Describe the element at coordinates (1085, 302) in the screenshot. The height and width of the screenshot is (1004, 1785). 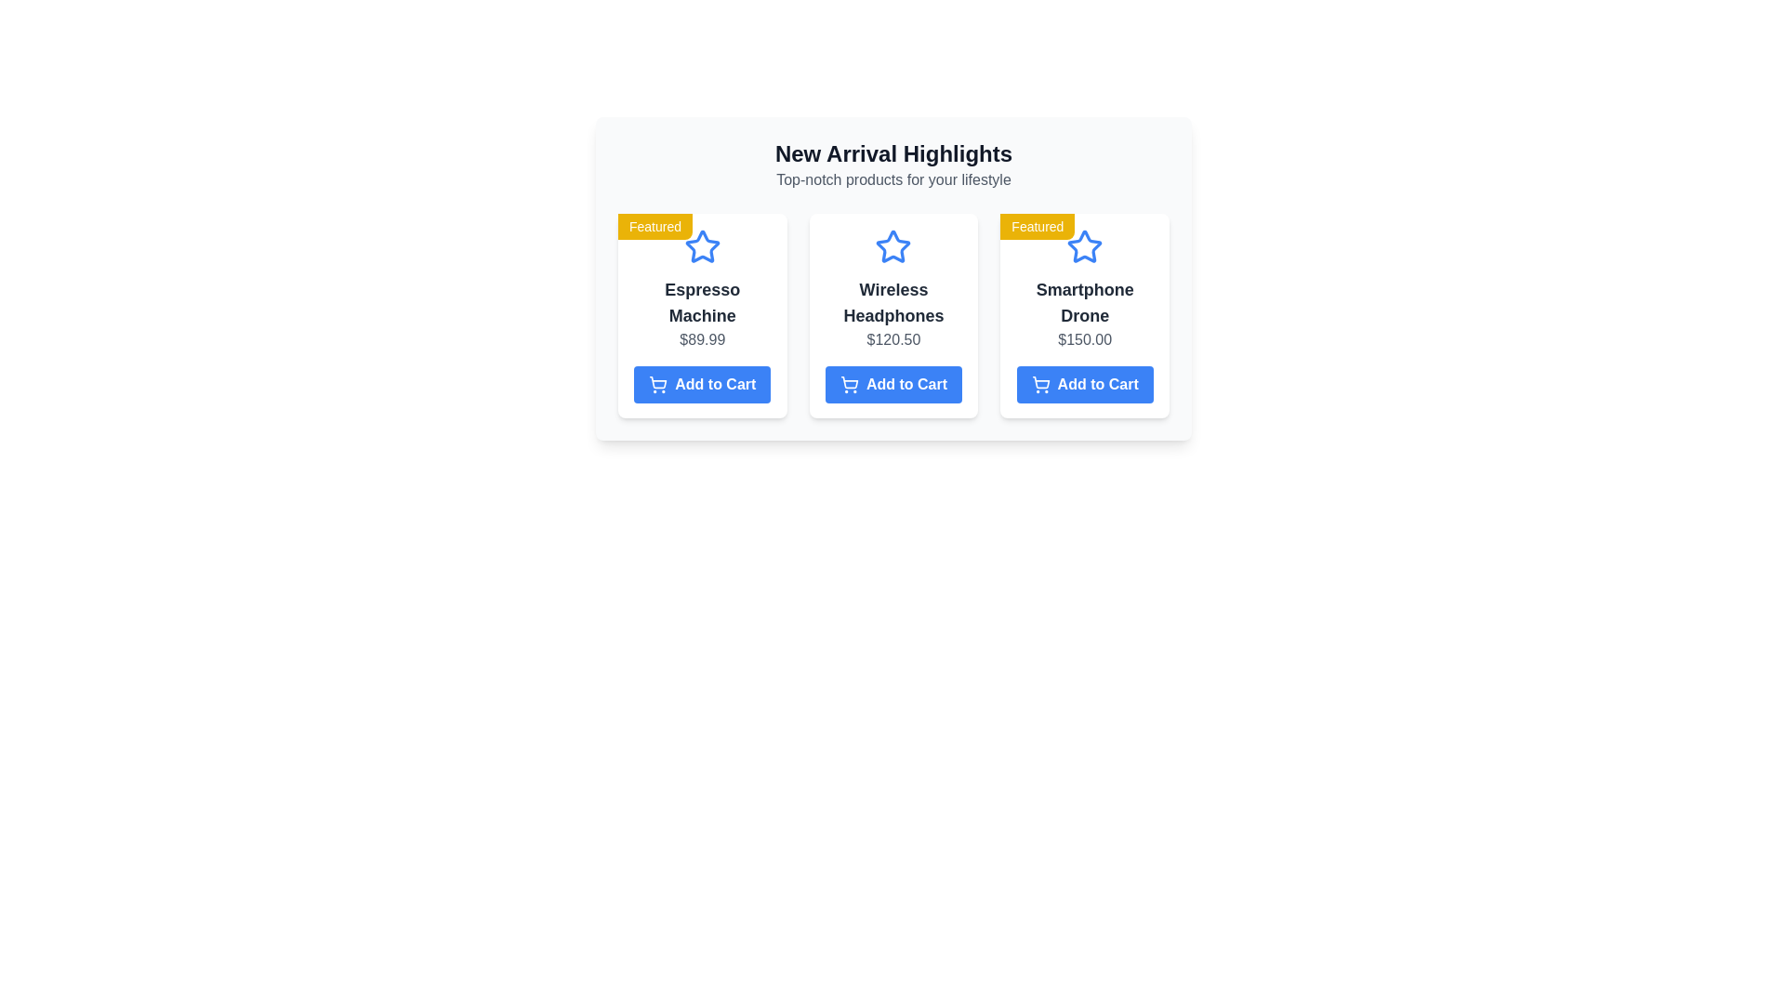
I see `the Text label displaying 'Smartphone Drone', which is the title of the product in the third card of the row` at that location.